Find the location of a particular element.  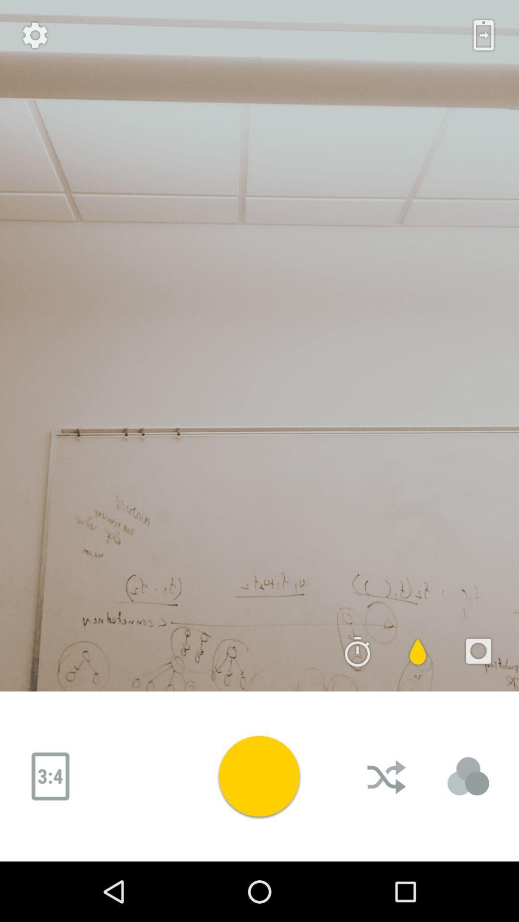

color filter is located at coordinates (418, 651).